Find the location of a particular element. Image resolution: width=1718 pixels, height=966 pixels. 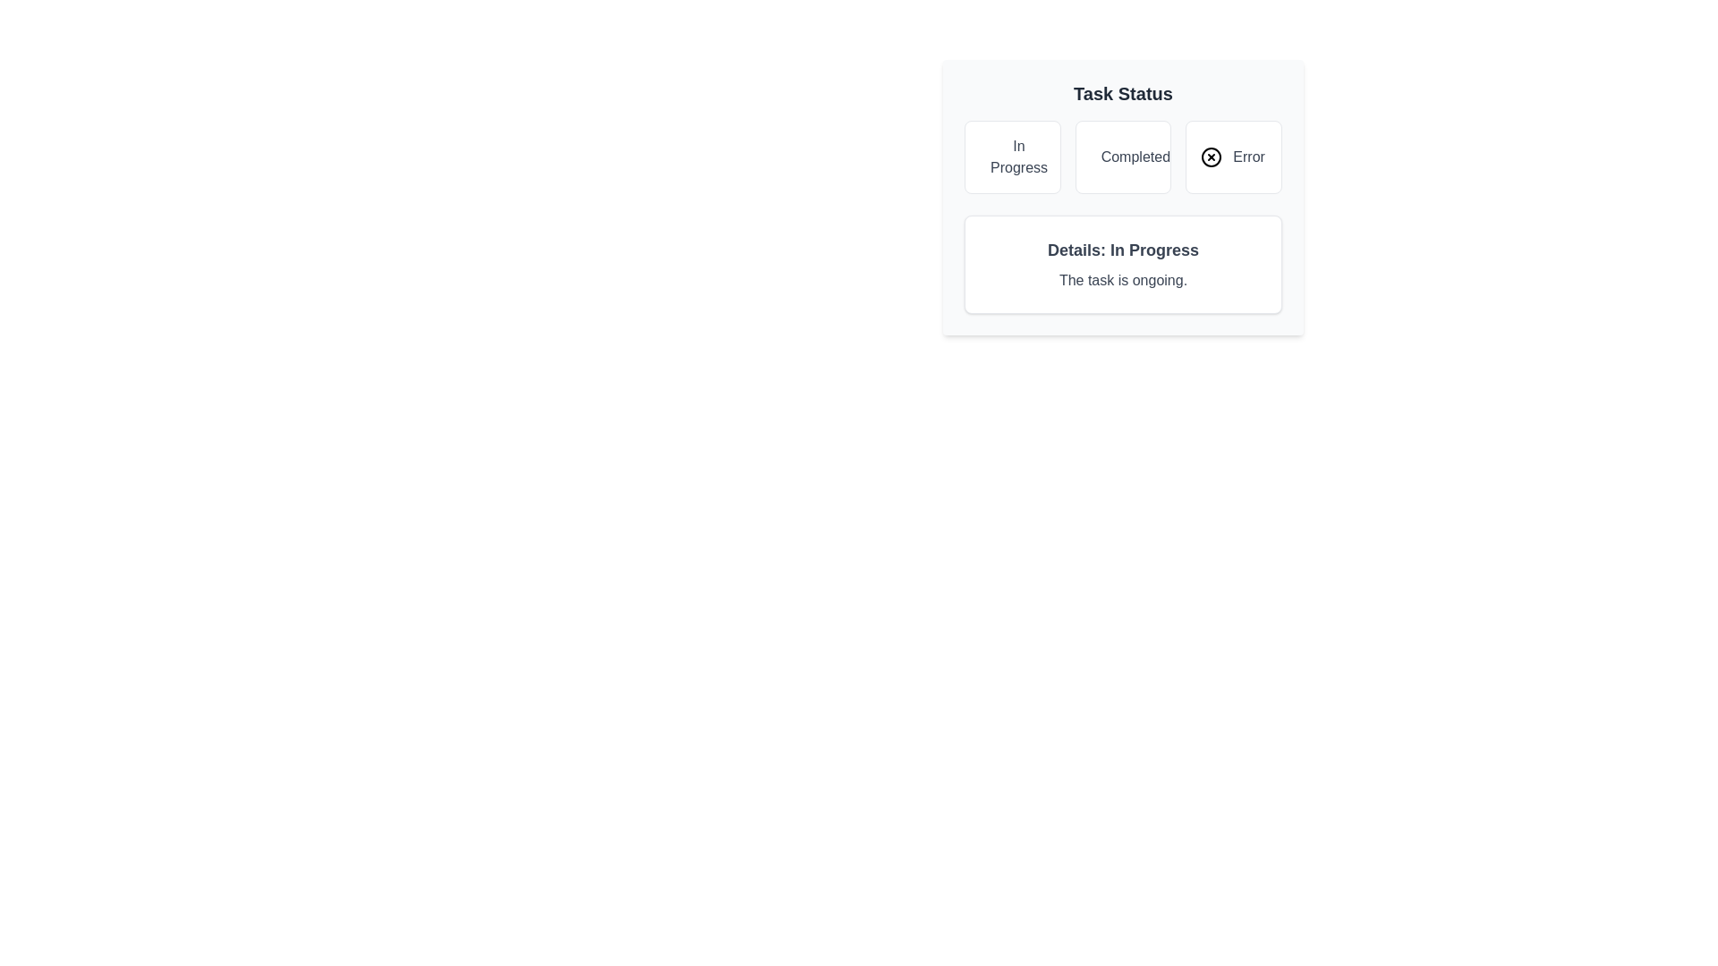

the 'Completed' status label, which is centrally positioned within a card-like structure along with other status options is located at coordinates (1135, 157).